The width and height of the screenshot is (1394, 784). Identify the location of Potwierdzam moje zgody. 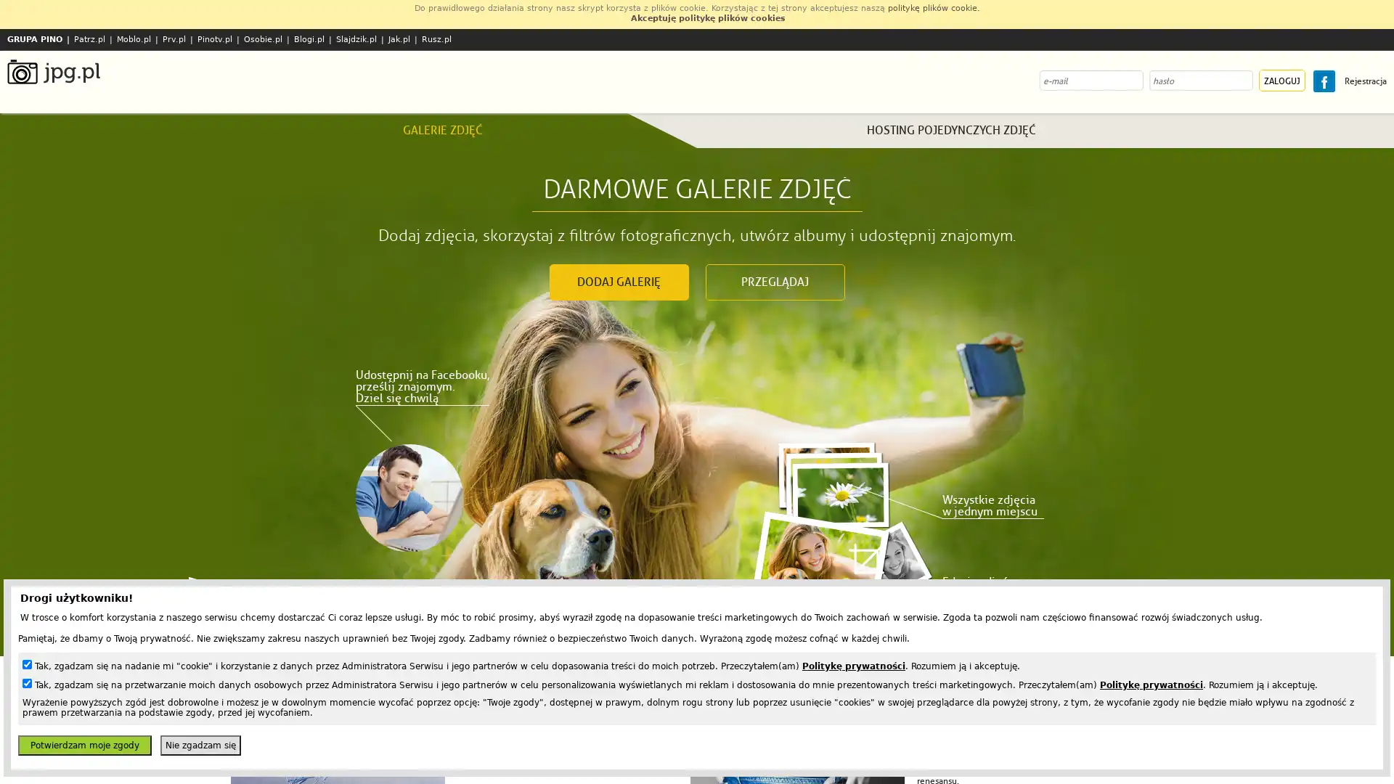
(83, 745).